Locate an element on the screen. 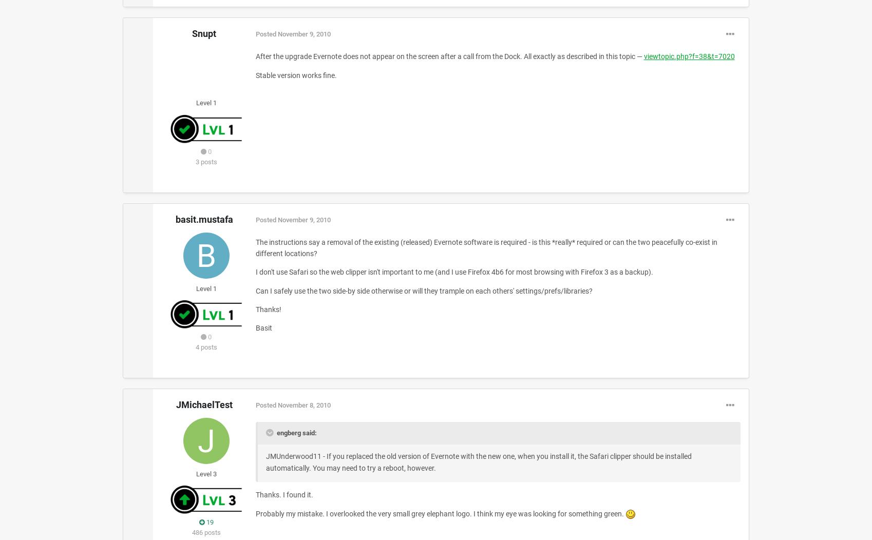 The image size is (872, 540). 'Basit' is located at coordinates (255, 327).